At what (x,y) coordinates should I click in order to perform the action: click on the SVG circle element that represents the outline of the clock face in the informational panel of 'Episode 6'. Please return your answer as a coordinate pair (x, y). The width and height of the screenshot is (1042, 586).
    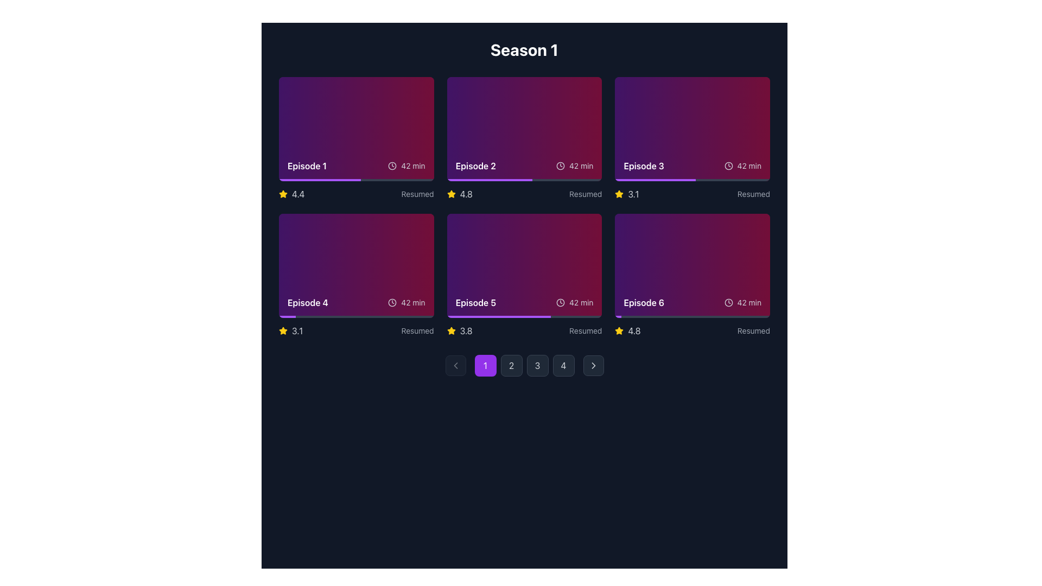
    Looking at the image, I should click on (728, 303).